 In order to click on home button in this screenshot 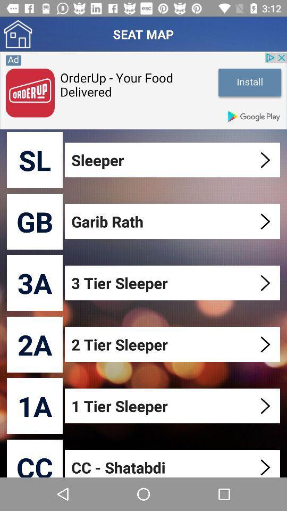, I will do `click(18, 34)`.